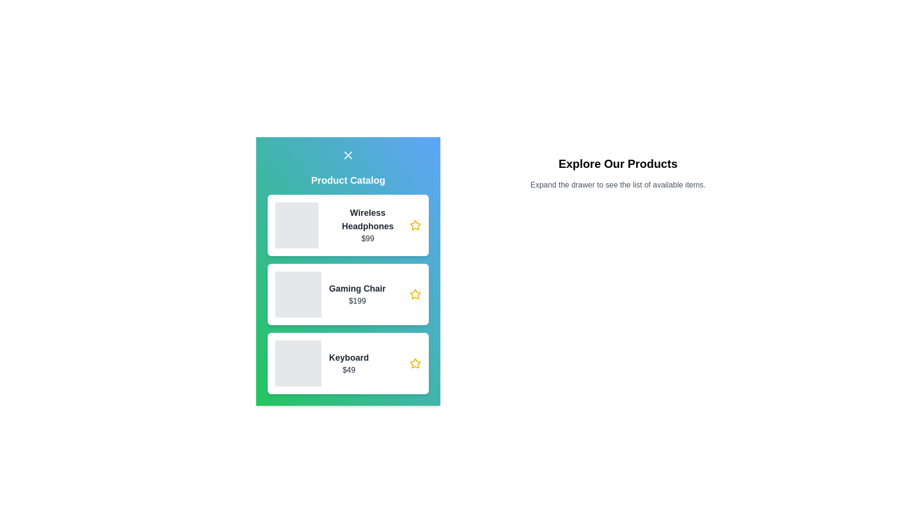 This screenshot has width=921, height=518. What do you see at coordinates (415, 294) in the screenshot?
I see `the star icon next to the product named Gaming Chair to mark it as favorite` at bounding box center [415, 294].